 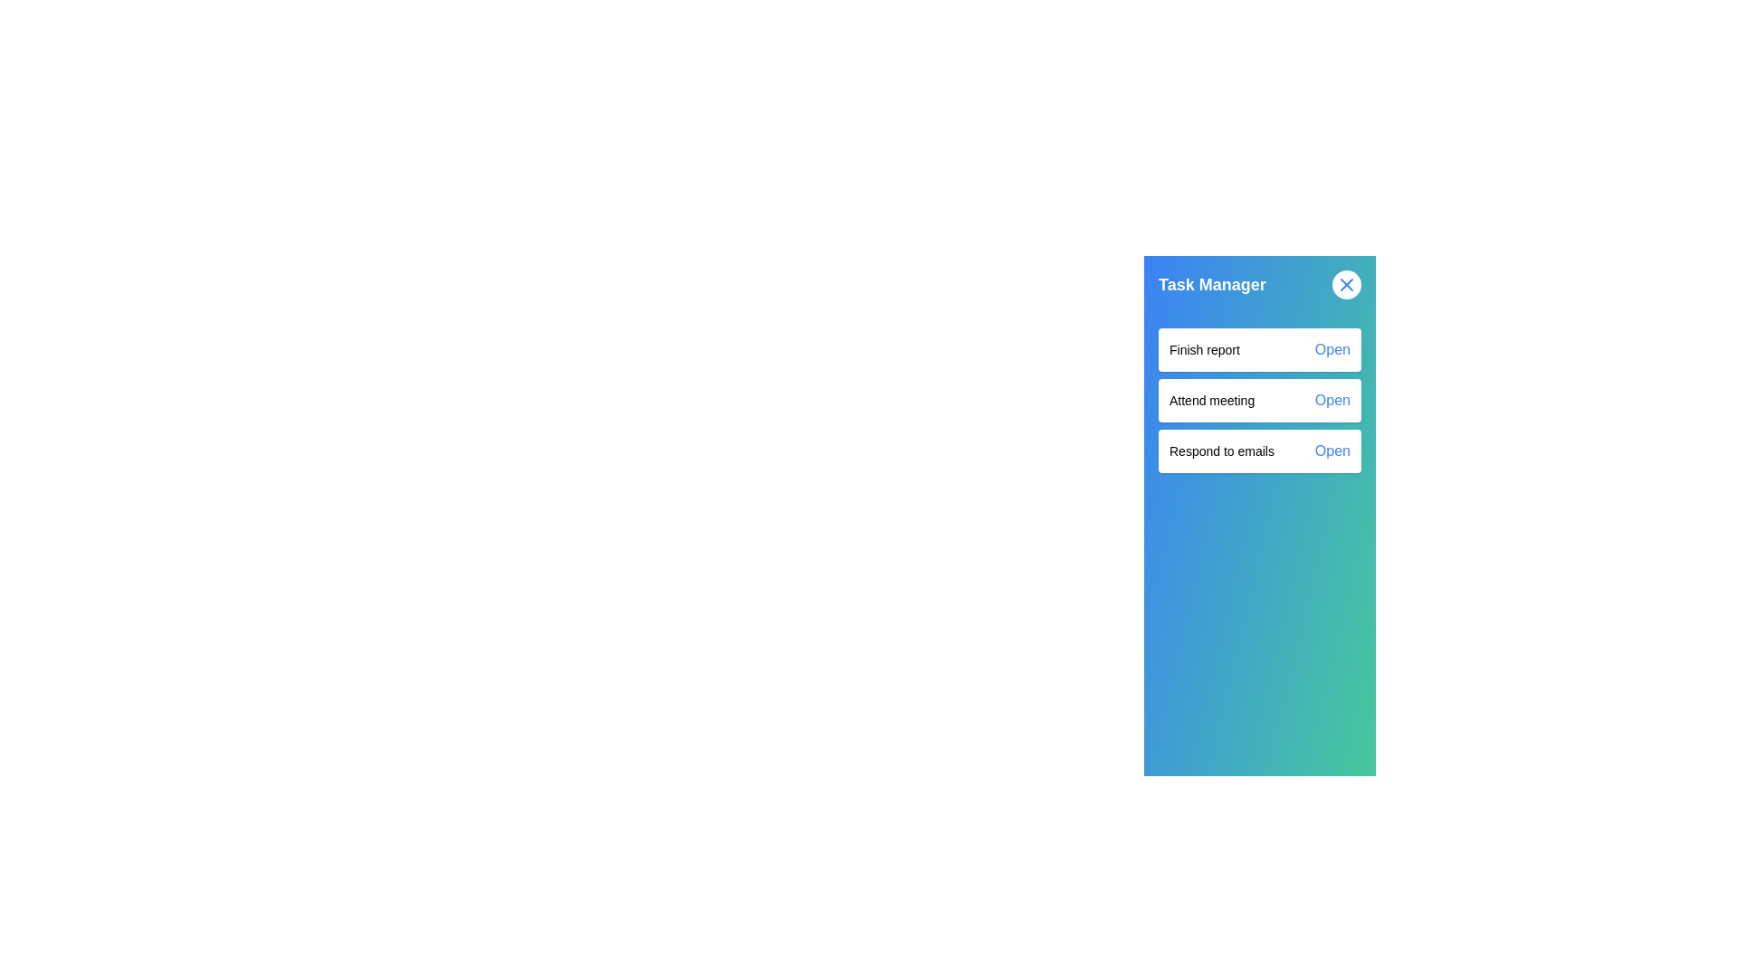 I want to click on the clickable text element labeled 'Open', styled with blue text and an underline on hover, located next to 'Respond to emails' in the bottommost task entry of the vertical list, so click(x=1332, y=450).